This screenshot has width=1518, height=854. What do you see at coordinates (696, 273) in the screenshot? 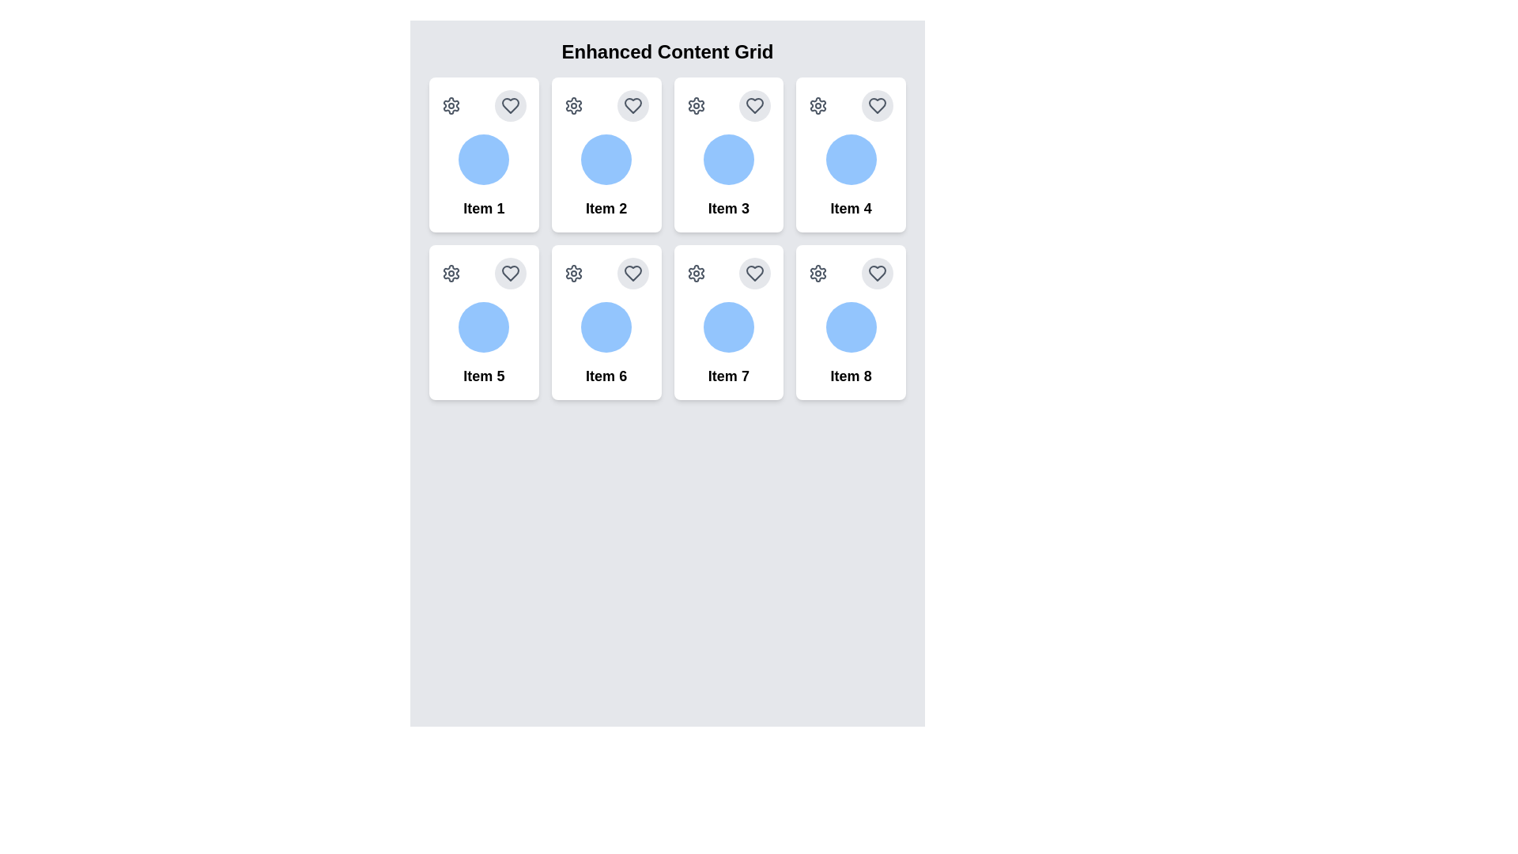
I see `the gear-shaped settings icon located at the top-left corner of the card labeled 'Item 7'` at bounding box center [696, 273].